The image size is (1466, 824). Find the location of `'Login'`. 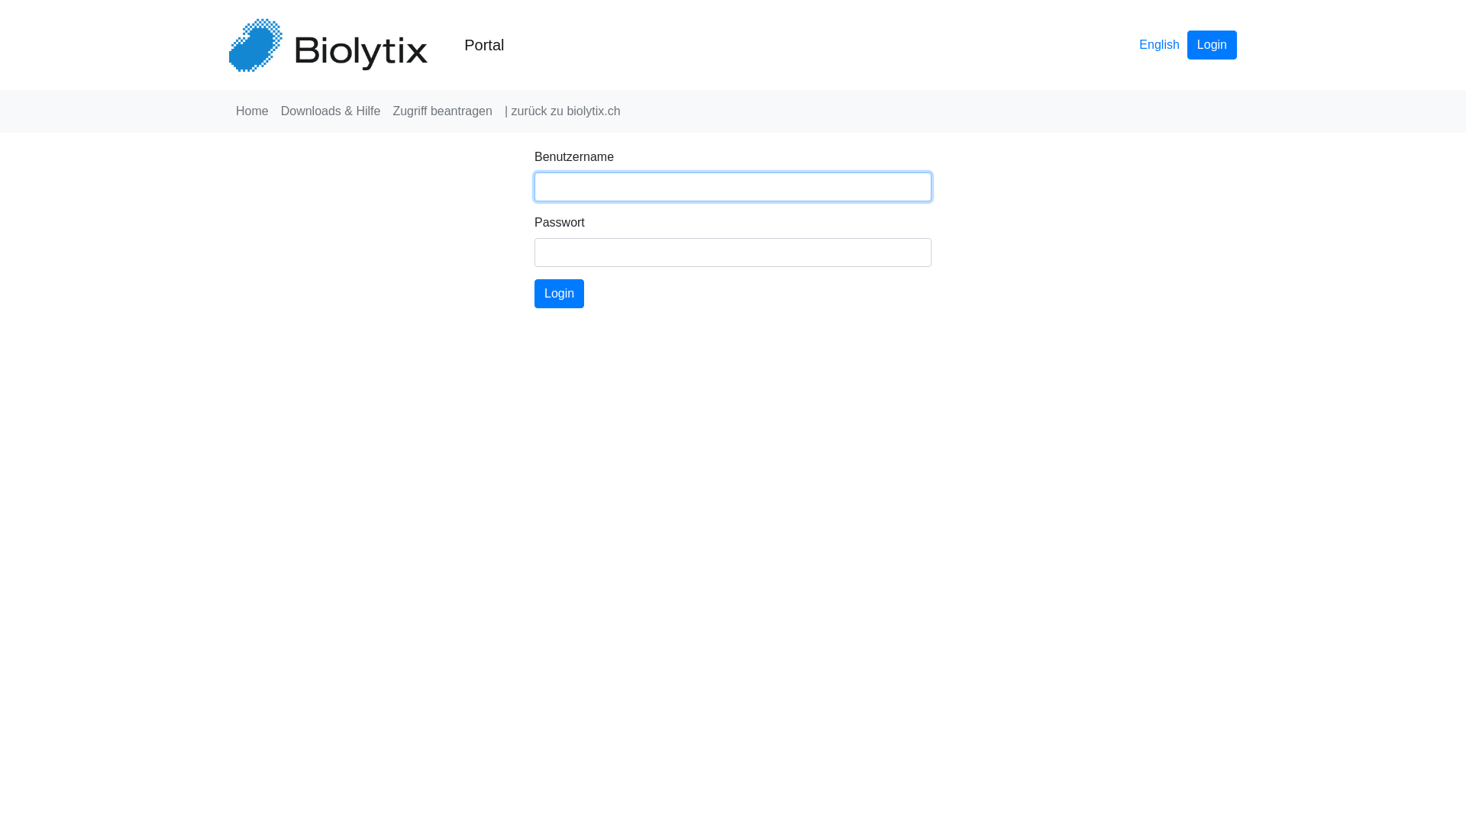

'Login' is located at coordinates (1211, 43).